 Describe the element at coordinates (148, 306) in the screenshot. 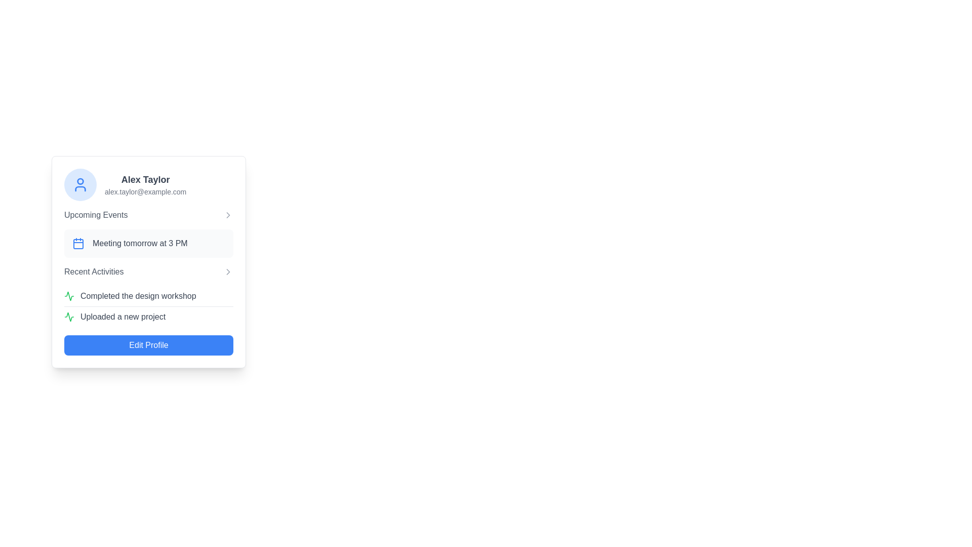

I see `the activity 'Completed the design workshop' in the Recent Activities list` at that location.